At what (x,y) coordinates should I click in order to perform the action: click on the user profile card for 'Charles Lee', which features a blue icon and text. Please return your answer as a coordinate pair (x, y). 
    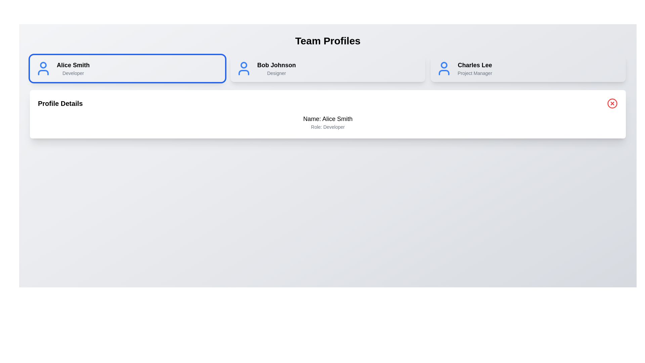
    Looking at the image, I should click on (528, 69).